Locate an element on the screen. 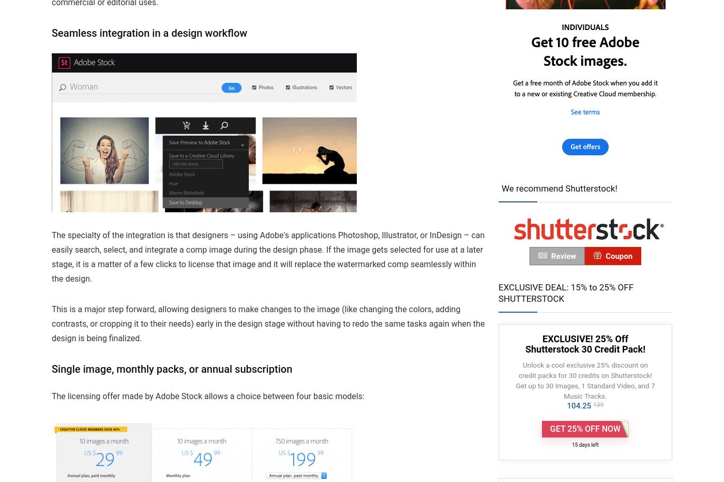 Image resolution: width=724 pixels, height=482 pixels. 'Adobe’s New Content Credentials Icon and Adoption Partnerships' is located at coordinates (207, 20).